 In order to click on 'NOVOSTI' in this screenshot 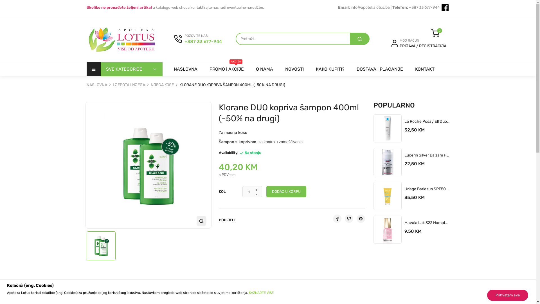, I will do `click(294, 69)`.